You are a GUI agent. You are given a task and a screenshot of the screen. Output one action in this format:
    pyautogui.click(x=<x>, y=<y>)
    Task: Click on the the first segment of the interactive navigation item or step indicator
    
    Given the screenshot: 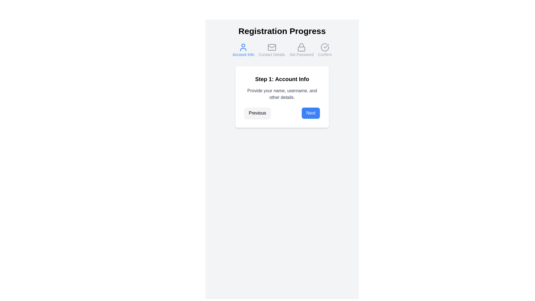 What is the action you would take?
    pyautogui.click(x=243, y=50)
    